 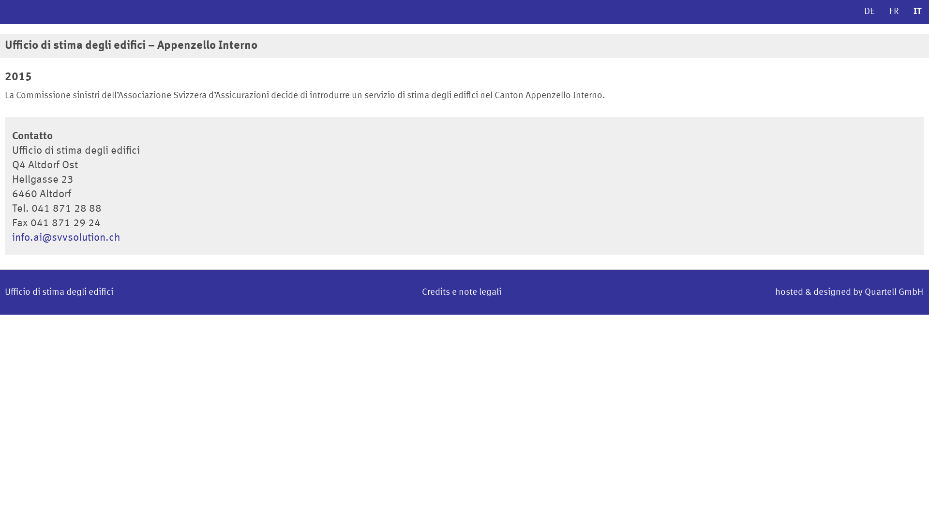 I want to click on 'IT', so click(x=917, y=12).